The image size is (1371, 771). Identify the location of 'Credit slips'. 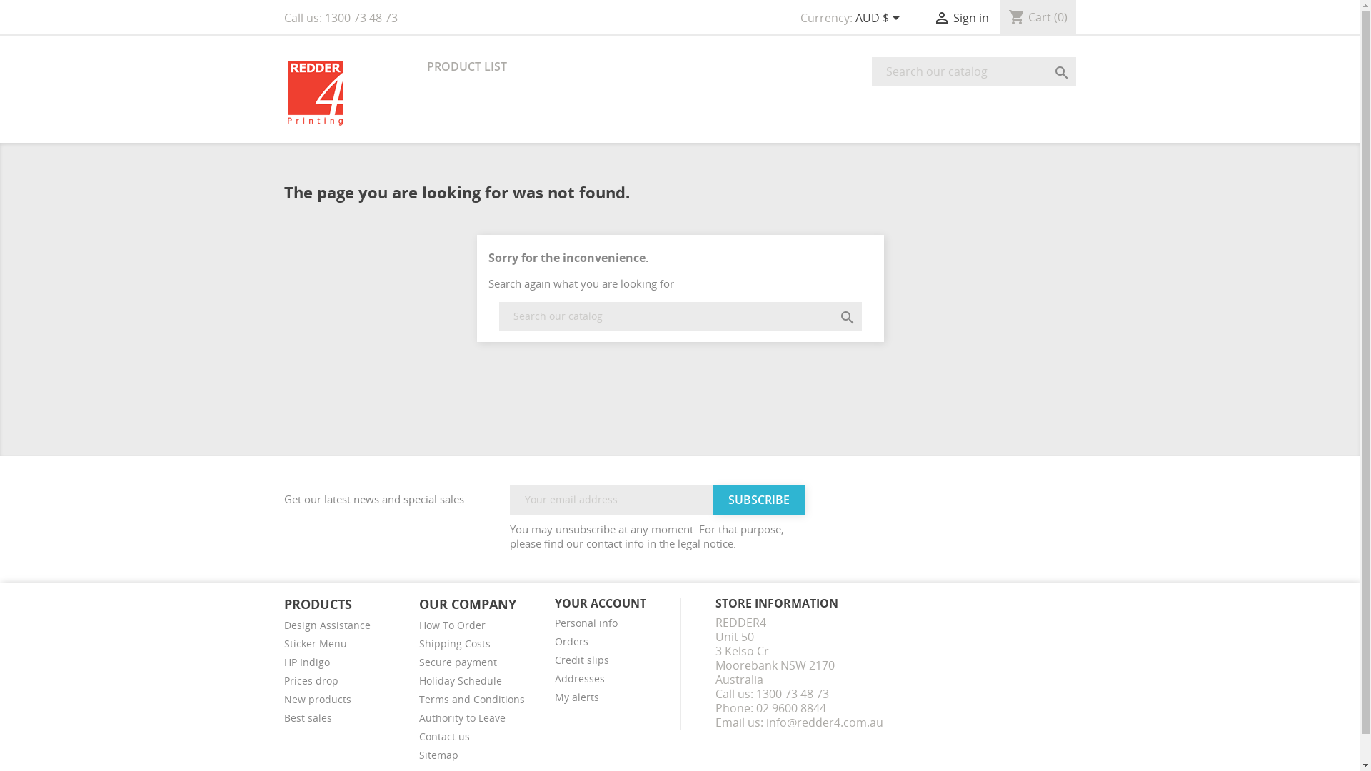
(582, 660).